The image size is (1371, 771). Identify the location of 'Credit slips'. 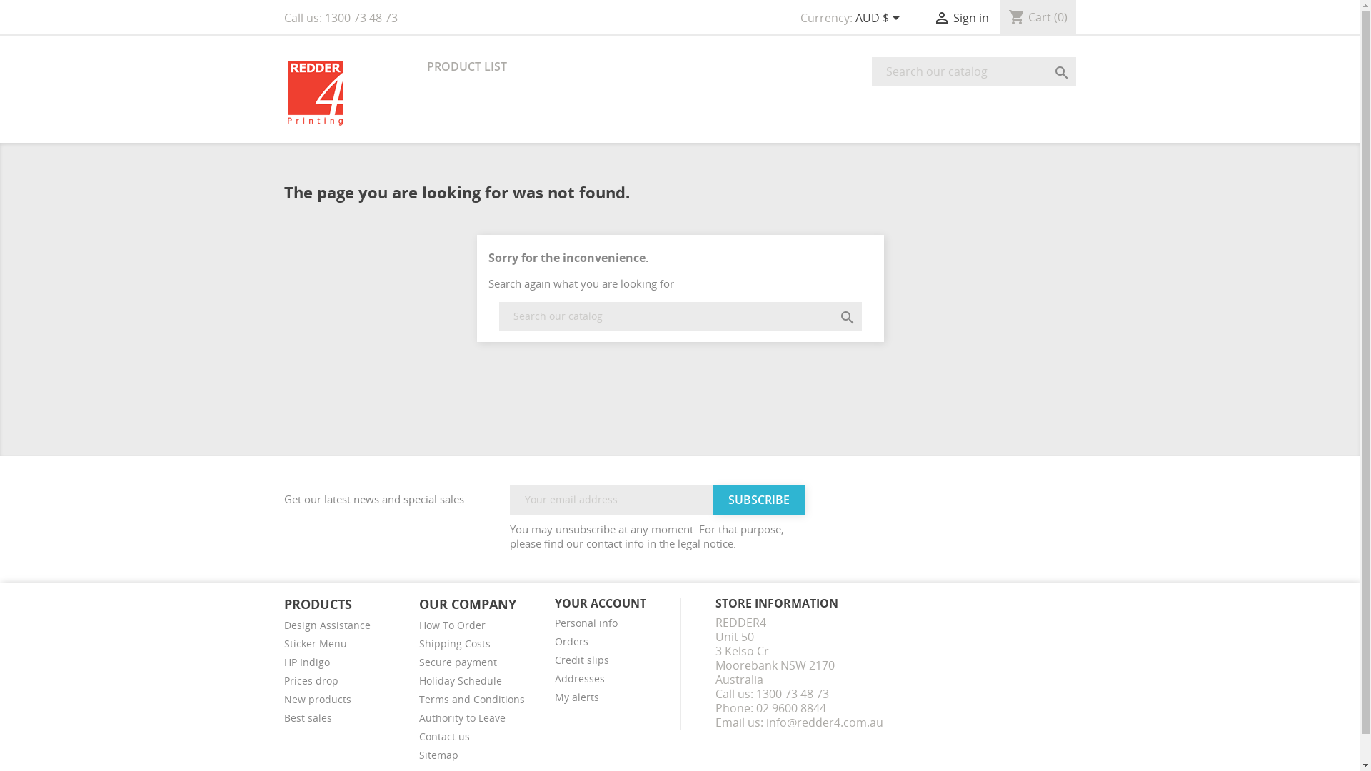
(582, 660).